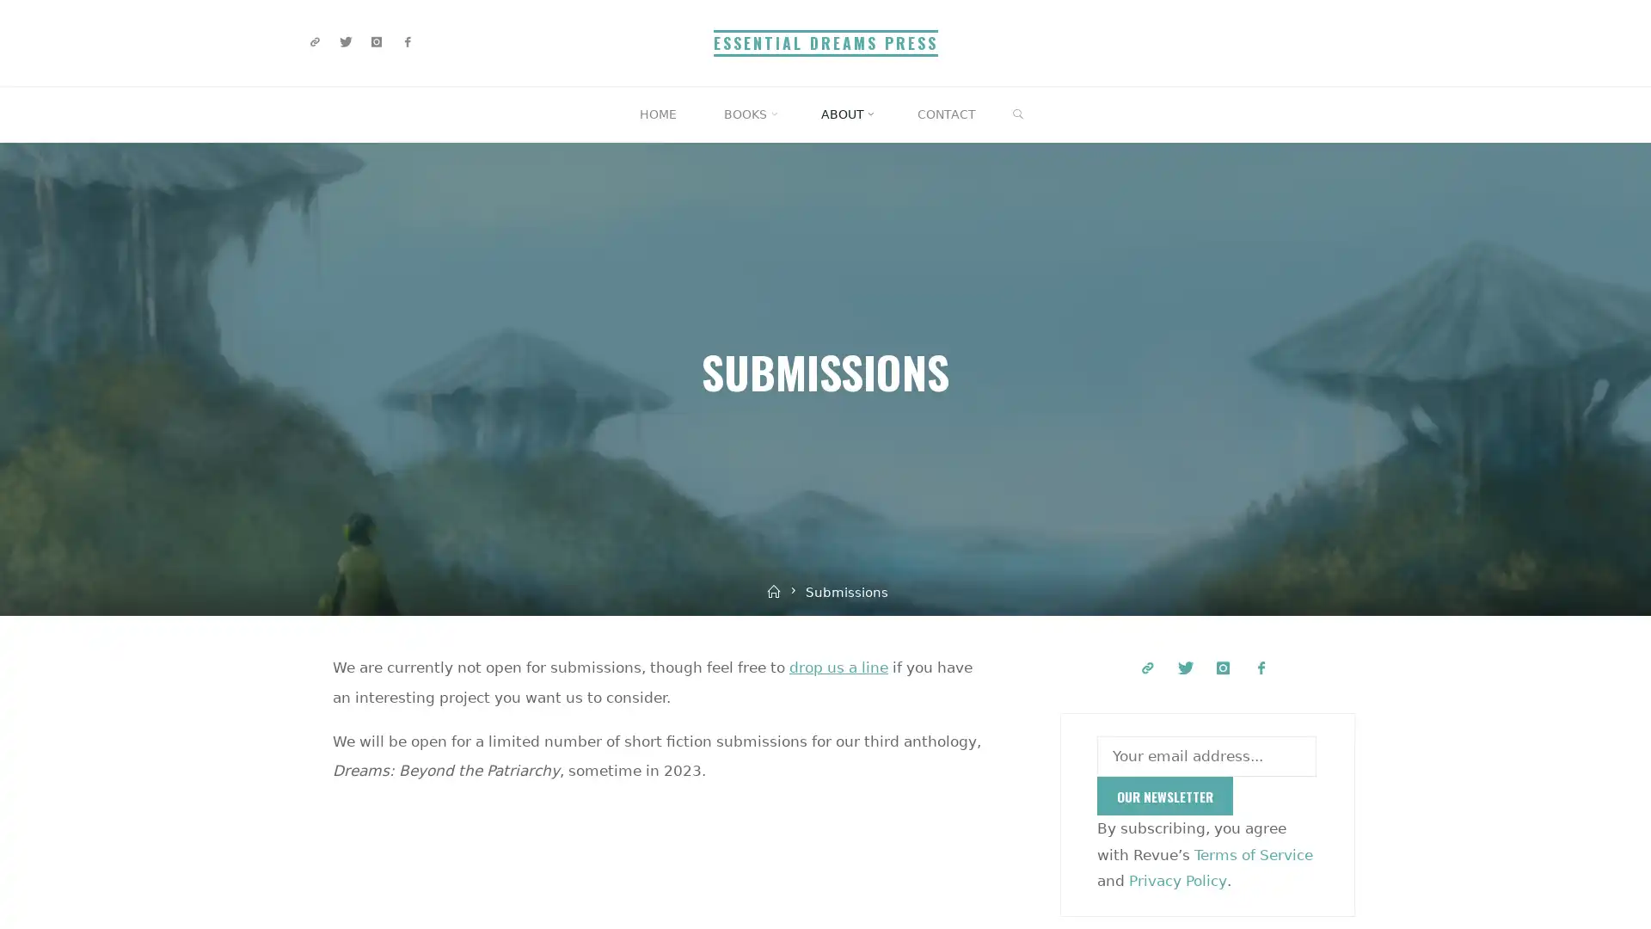 This screenshot has width=1651, height=929. Describe the element at coordinates (1164, 796) in the screenshot. I see `Our Newsletter` at that location.